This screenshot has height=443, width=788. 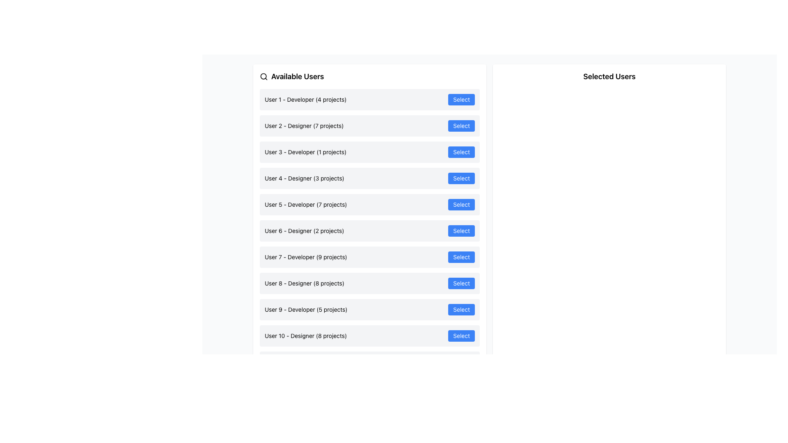 What do you see at coordinates (461, 310) in the screenshot?
I see `the 'Select' button with a blue background` at bounding box center [461, 310].